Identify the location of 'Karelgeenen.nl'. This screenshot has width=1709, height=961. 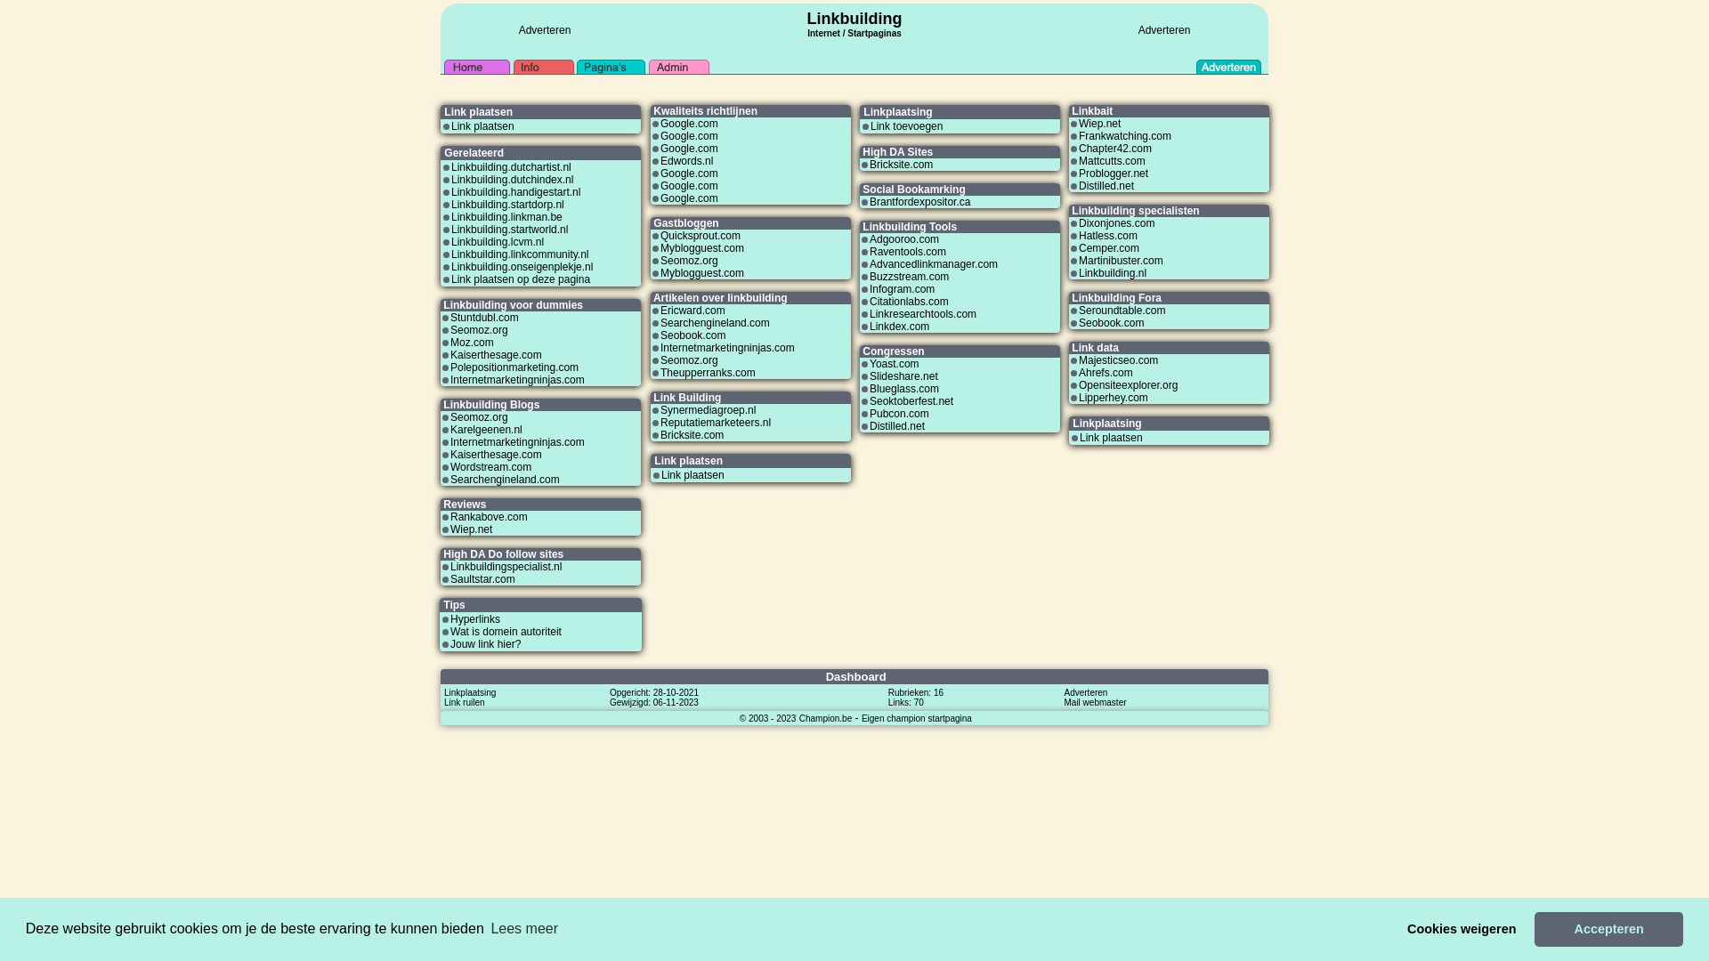
(486, 429).